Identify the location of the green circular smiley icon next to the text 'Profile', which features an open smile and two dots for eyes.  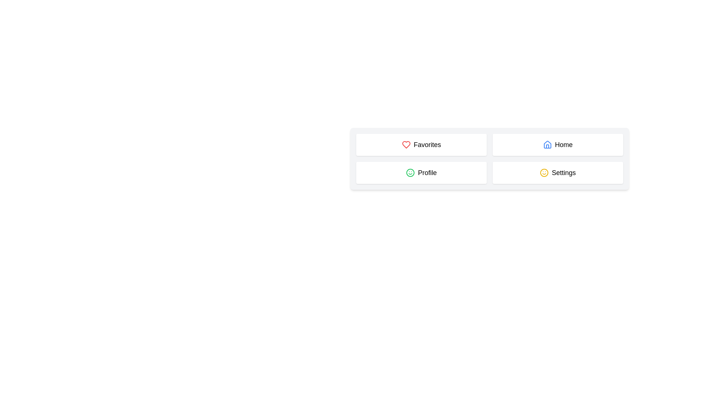
(410, 173).